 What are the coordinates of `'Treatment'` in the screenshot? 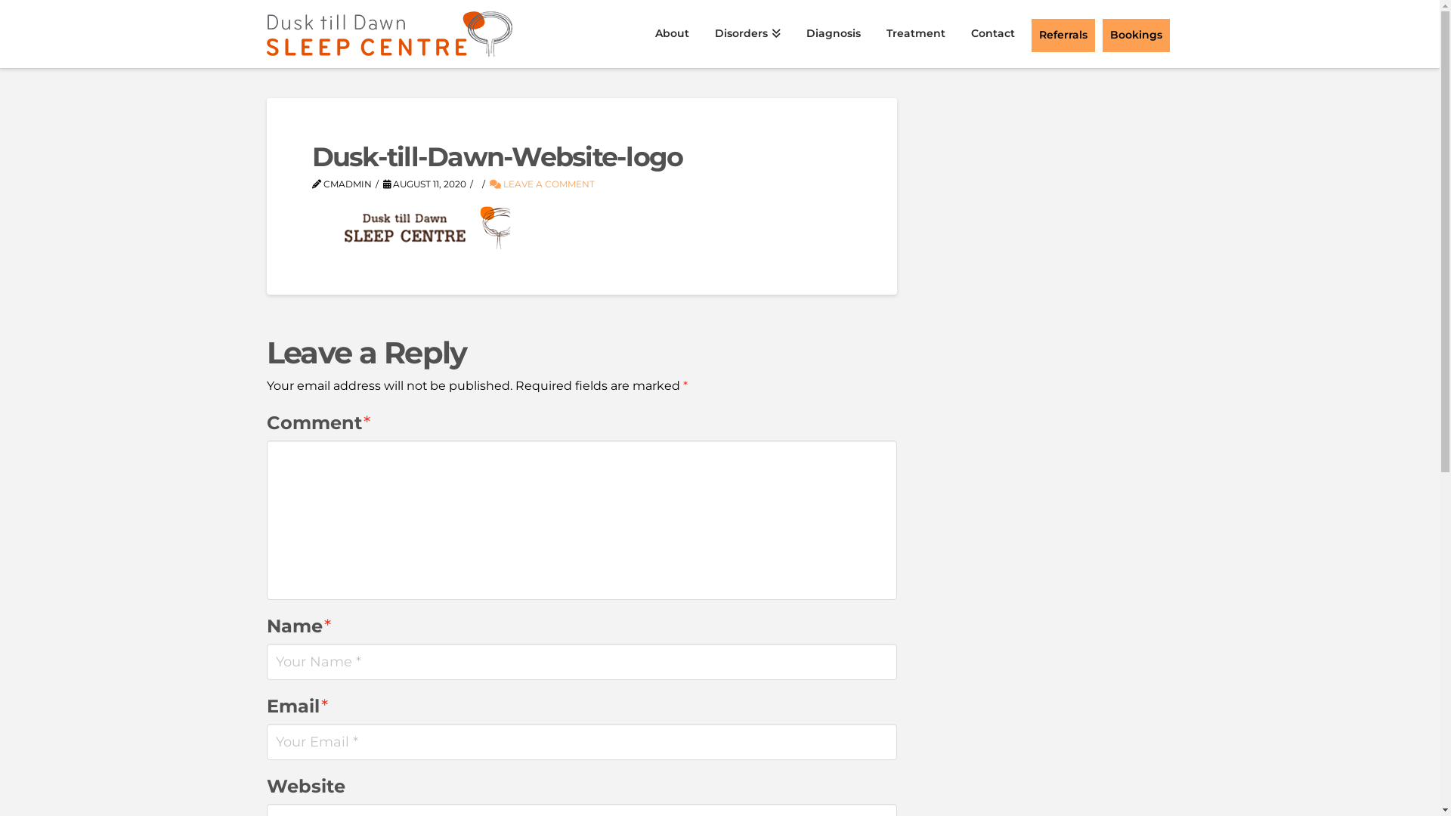 It's located at (914, 34).